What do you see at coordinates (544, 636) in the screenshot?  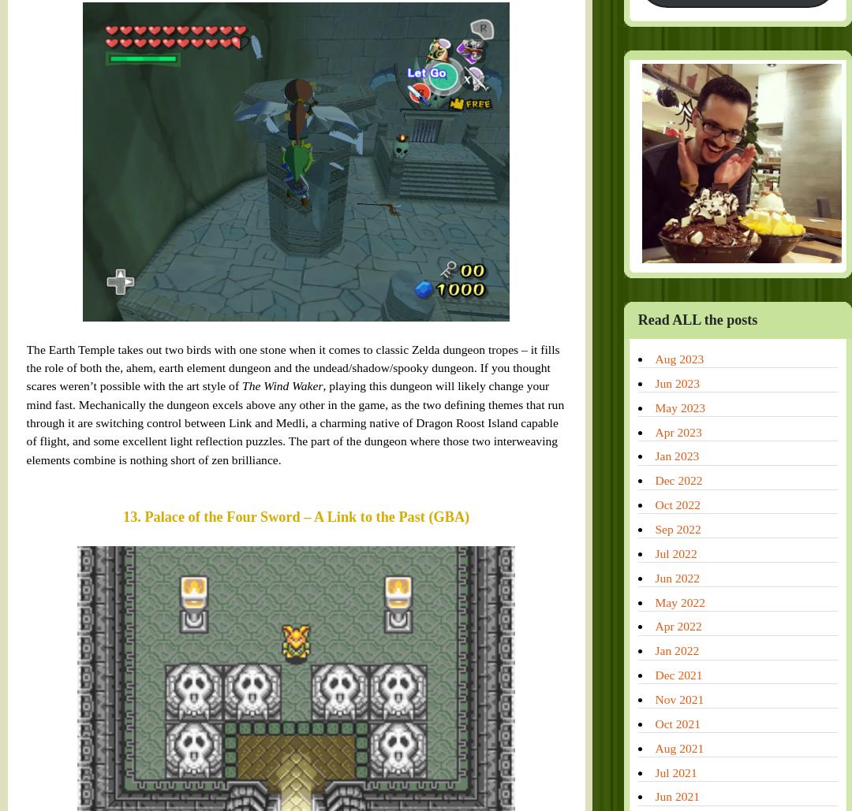 I see `'Aug 2019'` at bounding box center [544, 636].